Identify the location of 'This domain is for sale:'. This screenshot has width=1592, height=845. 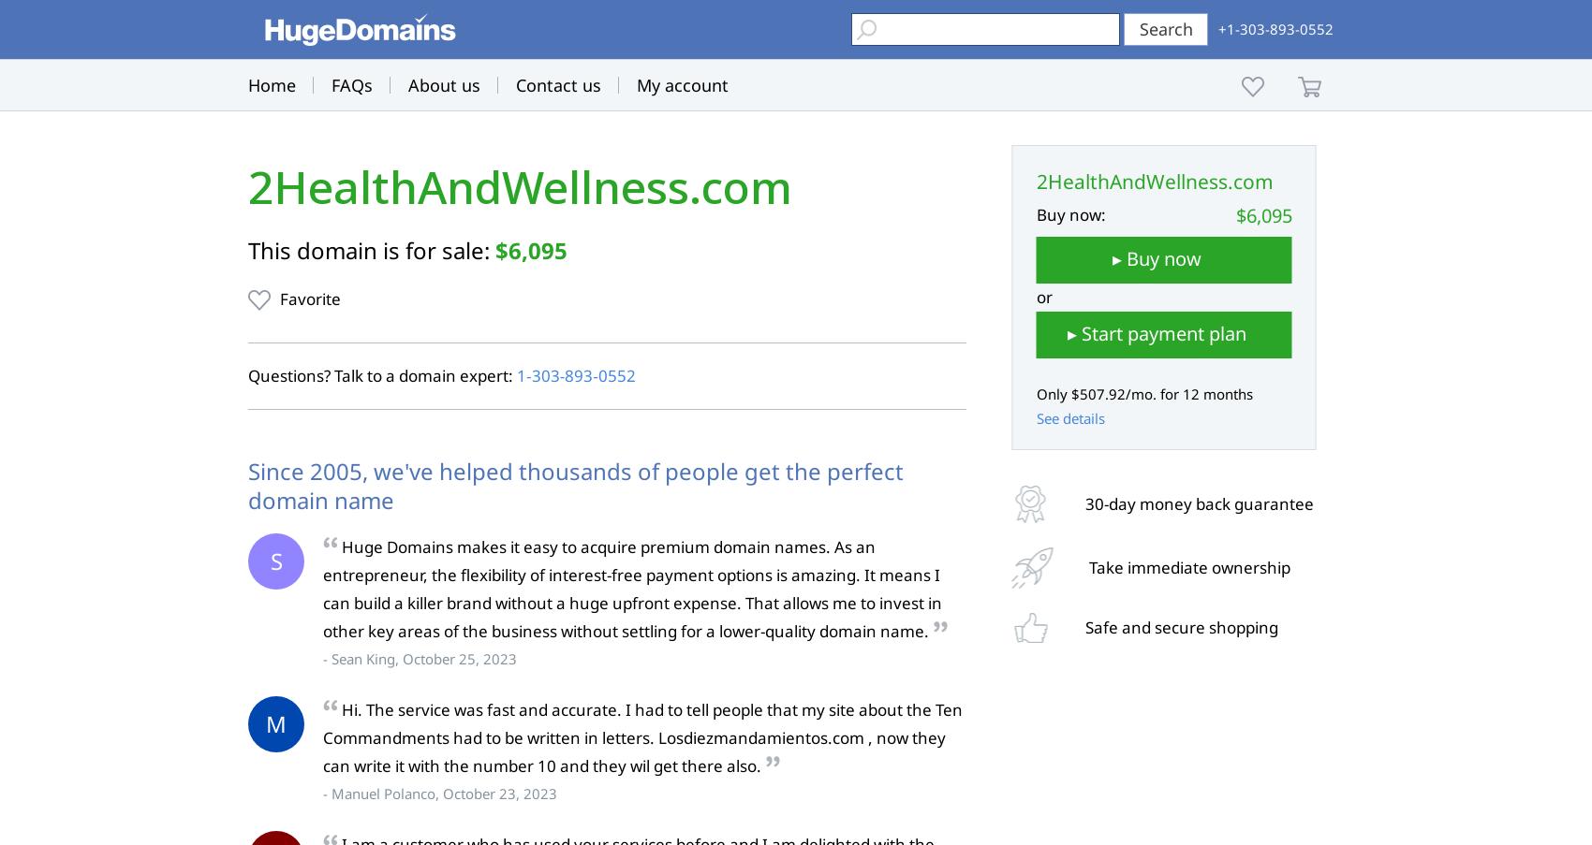
(370, 249).